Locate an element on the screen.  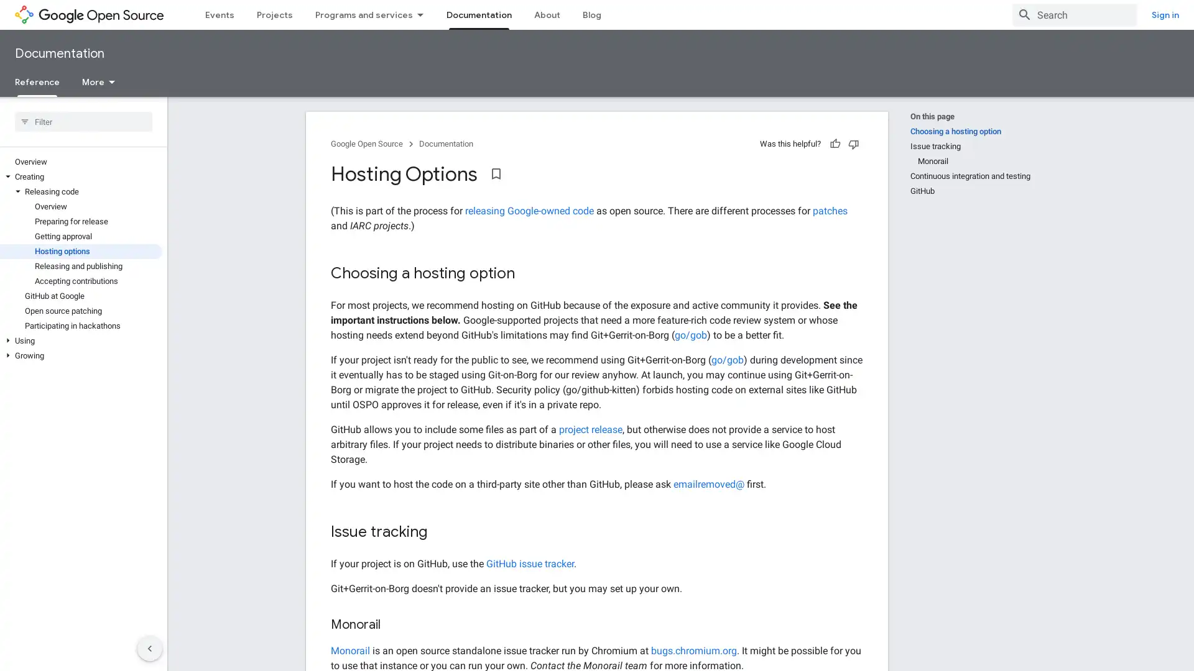
Copy link to this section: Issue tracking is located at coordinates (440, 531).